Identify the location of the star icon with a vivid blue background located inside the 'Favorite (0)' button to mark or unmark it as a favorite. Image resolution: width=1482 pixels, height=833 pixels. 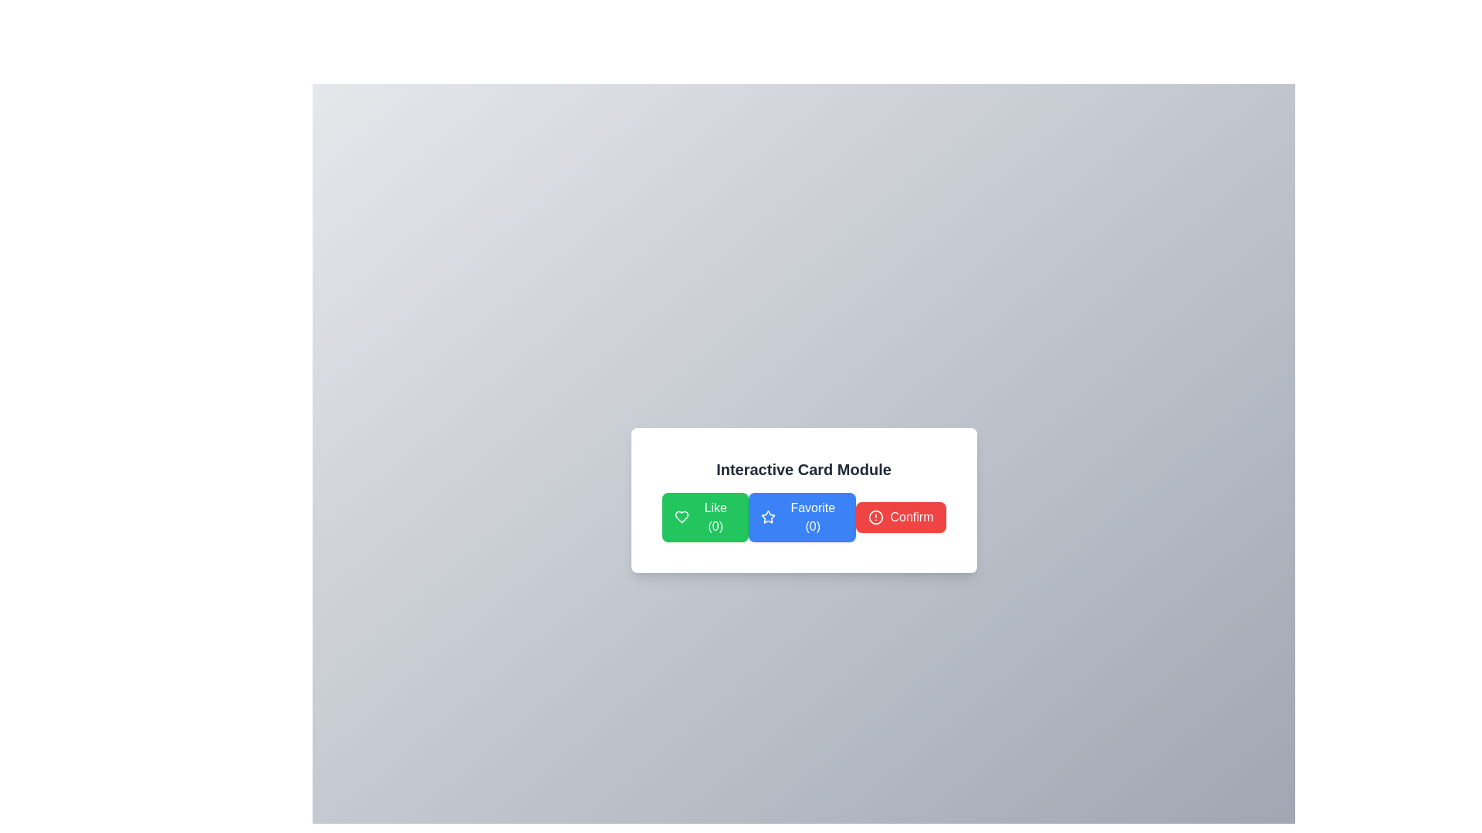
(768, 518).